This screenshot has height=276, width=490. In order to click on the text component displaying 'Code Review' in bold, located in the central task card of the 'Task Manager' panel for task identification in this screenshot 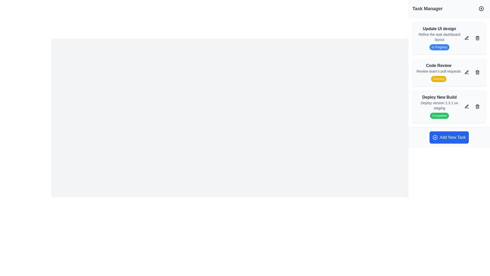, I will do `click(438, 65)`.